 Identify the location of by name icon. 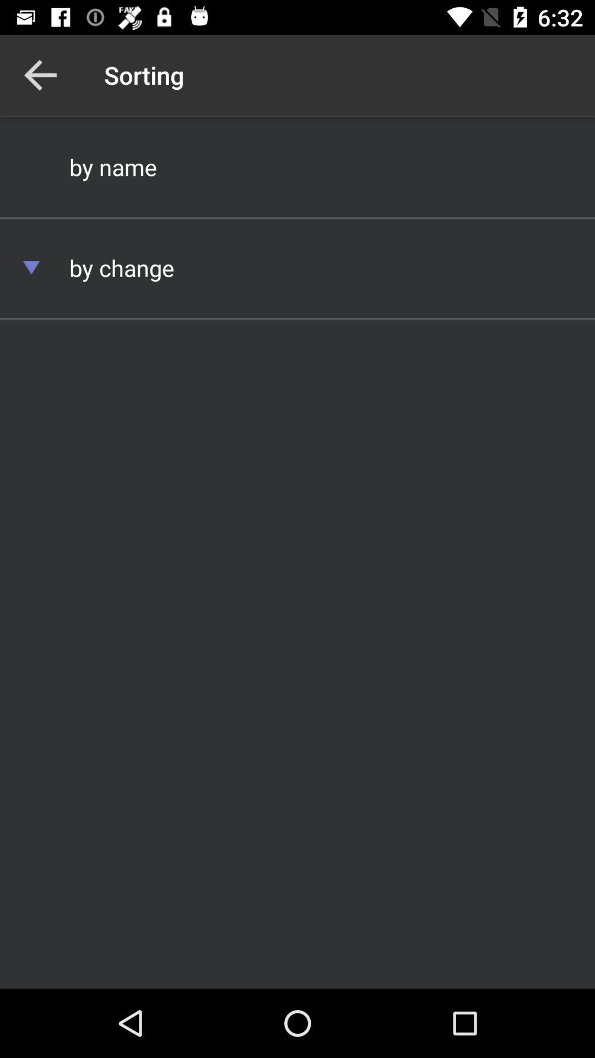
(297, 166).